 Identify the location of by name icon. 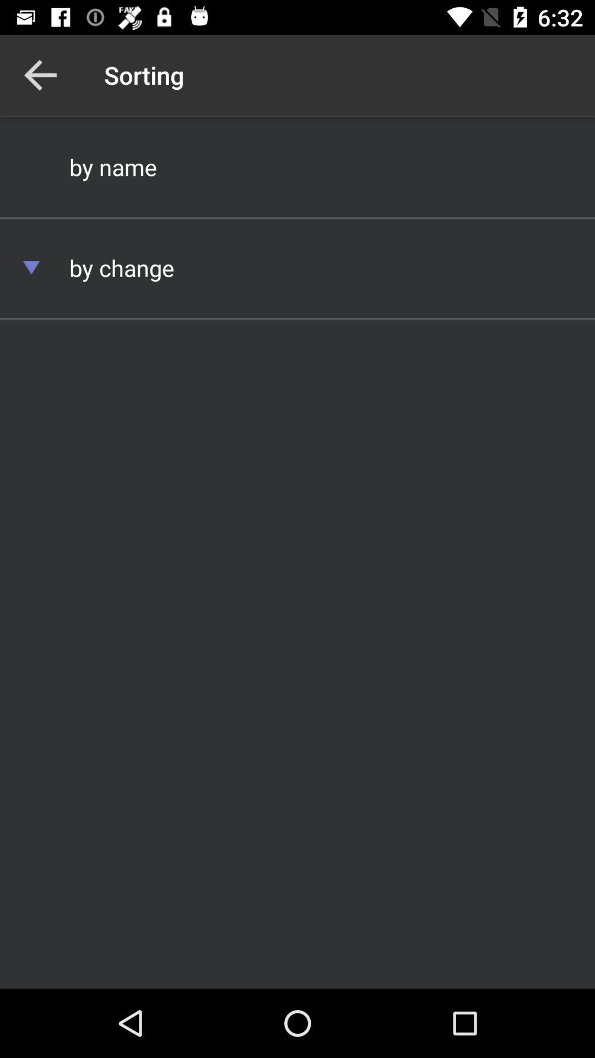
(297, 166).